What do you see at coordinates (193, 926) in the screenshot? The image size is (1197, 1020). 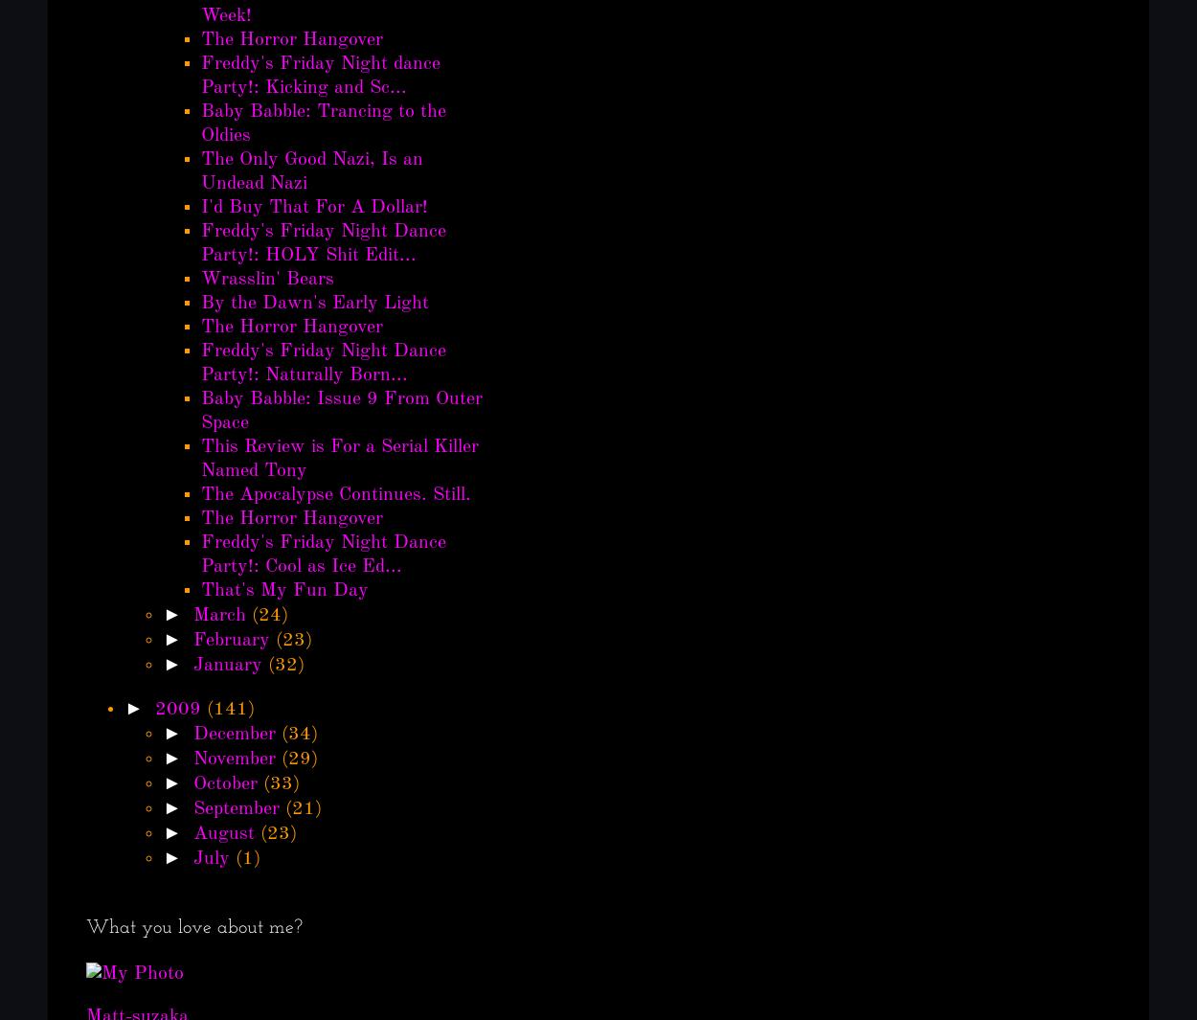 I see `'What you love about me?'` at bounding box center [193, 926].